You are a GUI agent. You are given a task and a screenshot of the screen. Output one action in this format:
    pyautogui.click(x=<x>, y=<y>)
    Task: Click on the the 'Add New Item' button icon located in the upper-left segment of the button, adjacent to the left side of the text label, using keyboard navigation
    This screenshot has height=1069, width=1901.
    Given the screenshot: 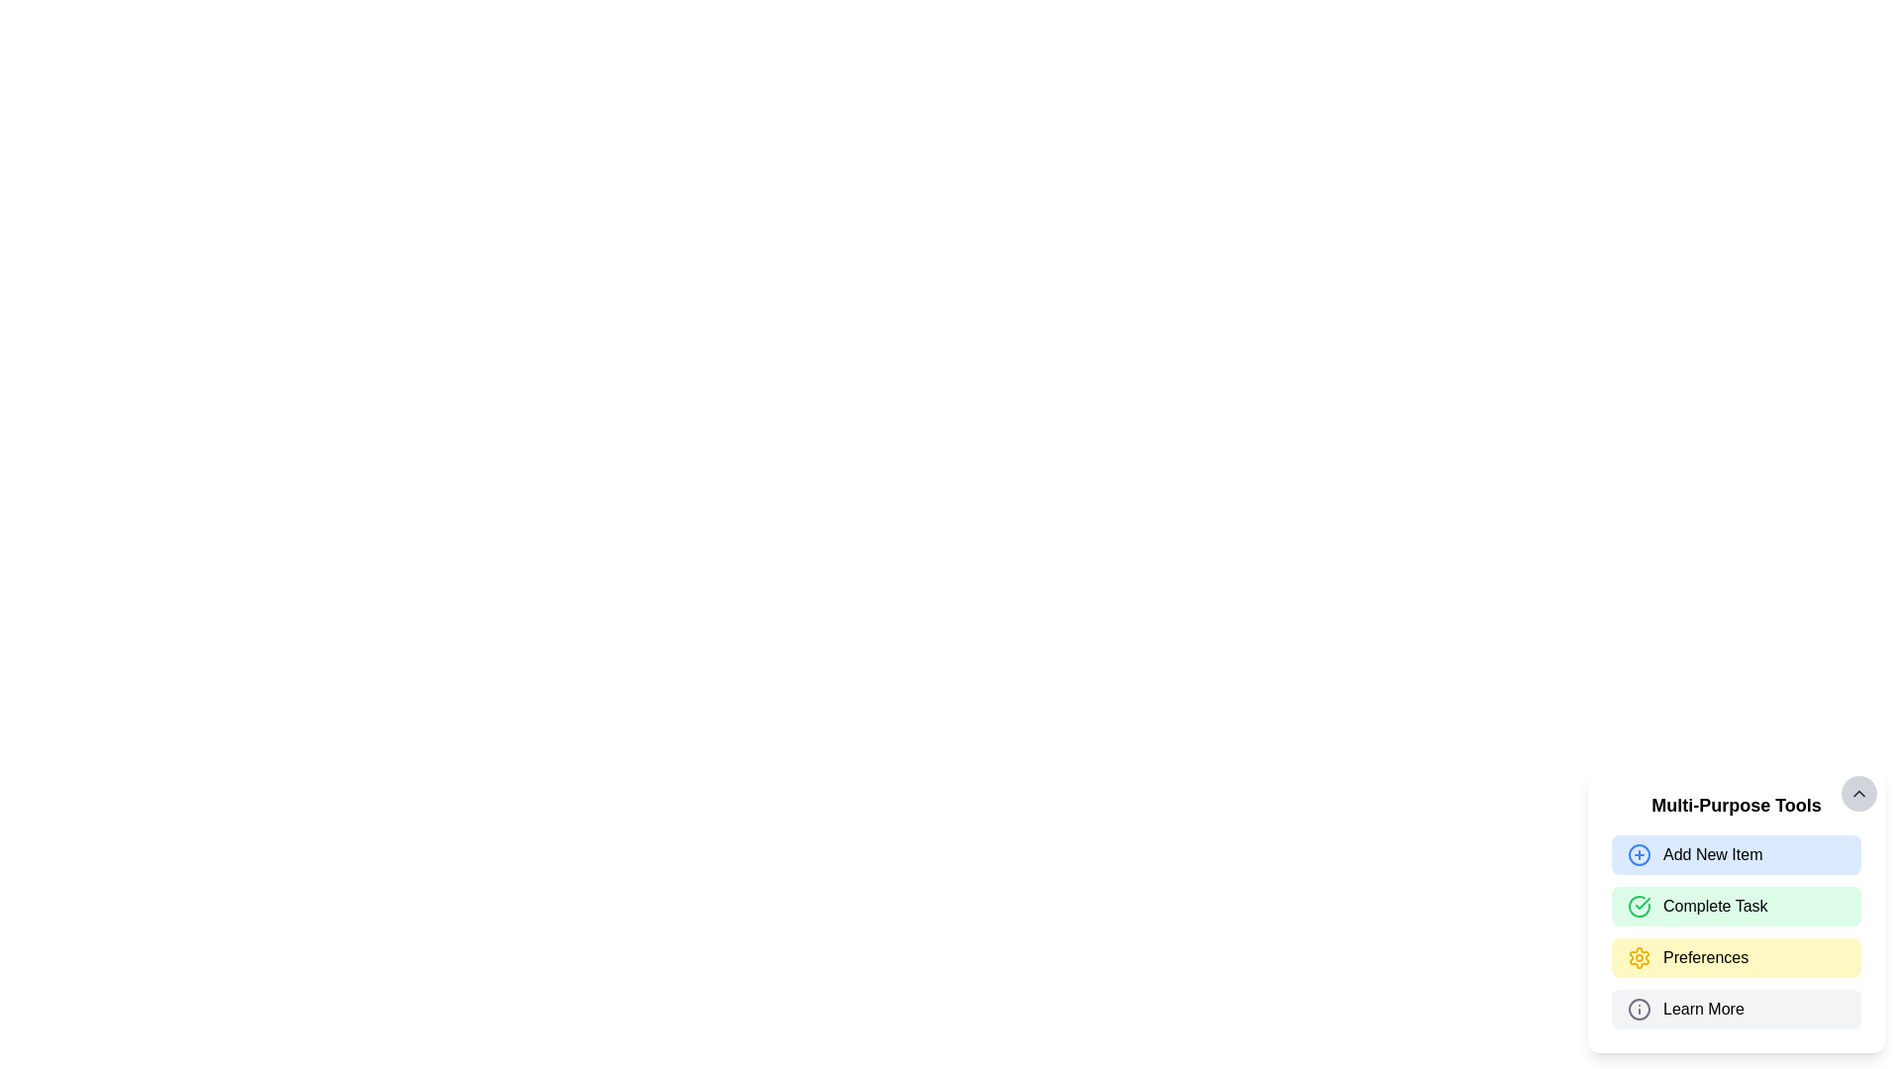 What is the action you would take?
    pyautogui.click(x=1640, y=854)
    